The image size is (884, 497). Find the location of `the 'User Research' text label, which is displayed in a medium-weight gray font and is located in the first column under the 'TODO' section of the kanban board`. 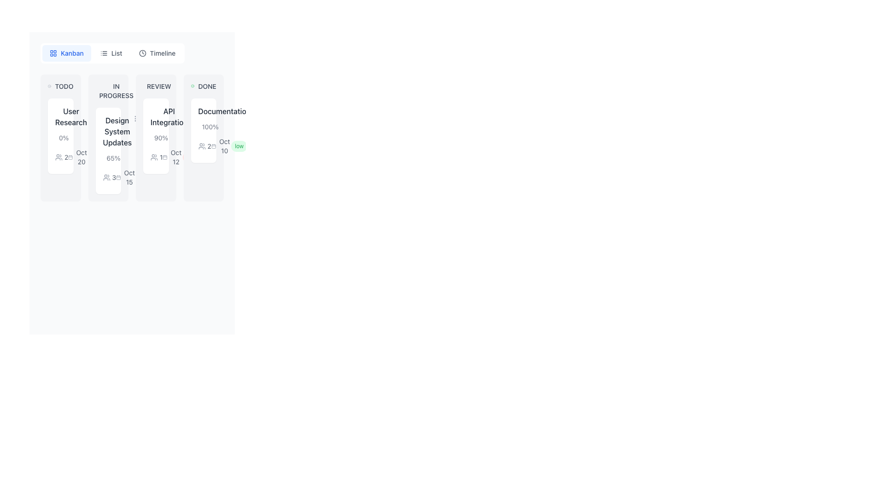

the 'User Research' text label, which is displayed in a medium-weight gray font and is located in the first column under the 'TODO' section of the kanban board is located at coordinates (70, 116).